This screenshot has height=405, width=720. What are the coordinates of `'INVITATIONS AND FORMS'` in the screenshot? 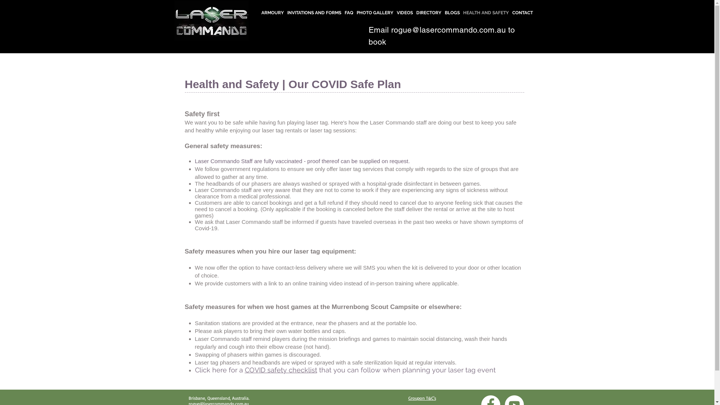 It's located at (314, 13).